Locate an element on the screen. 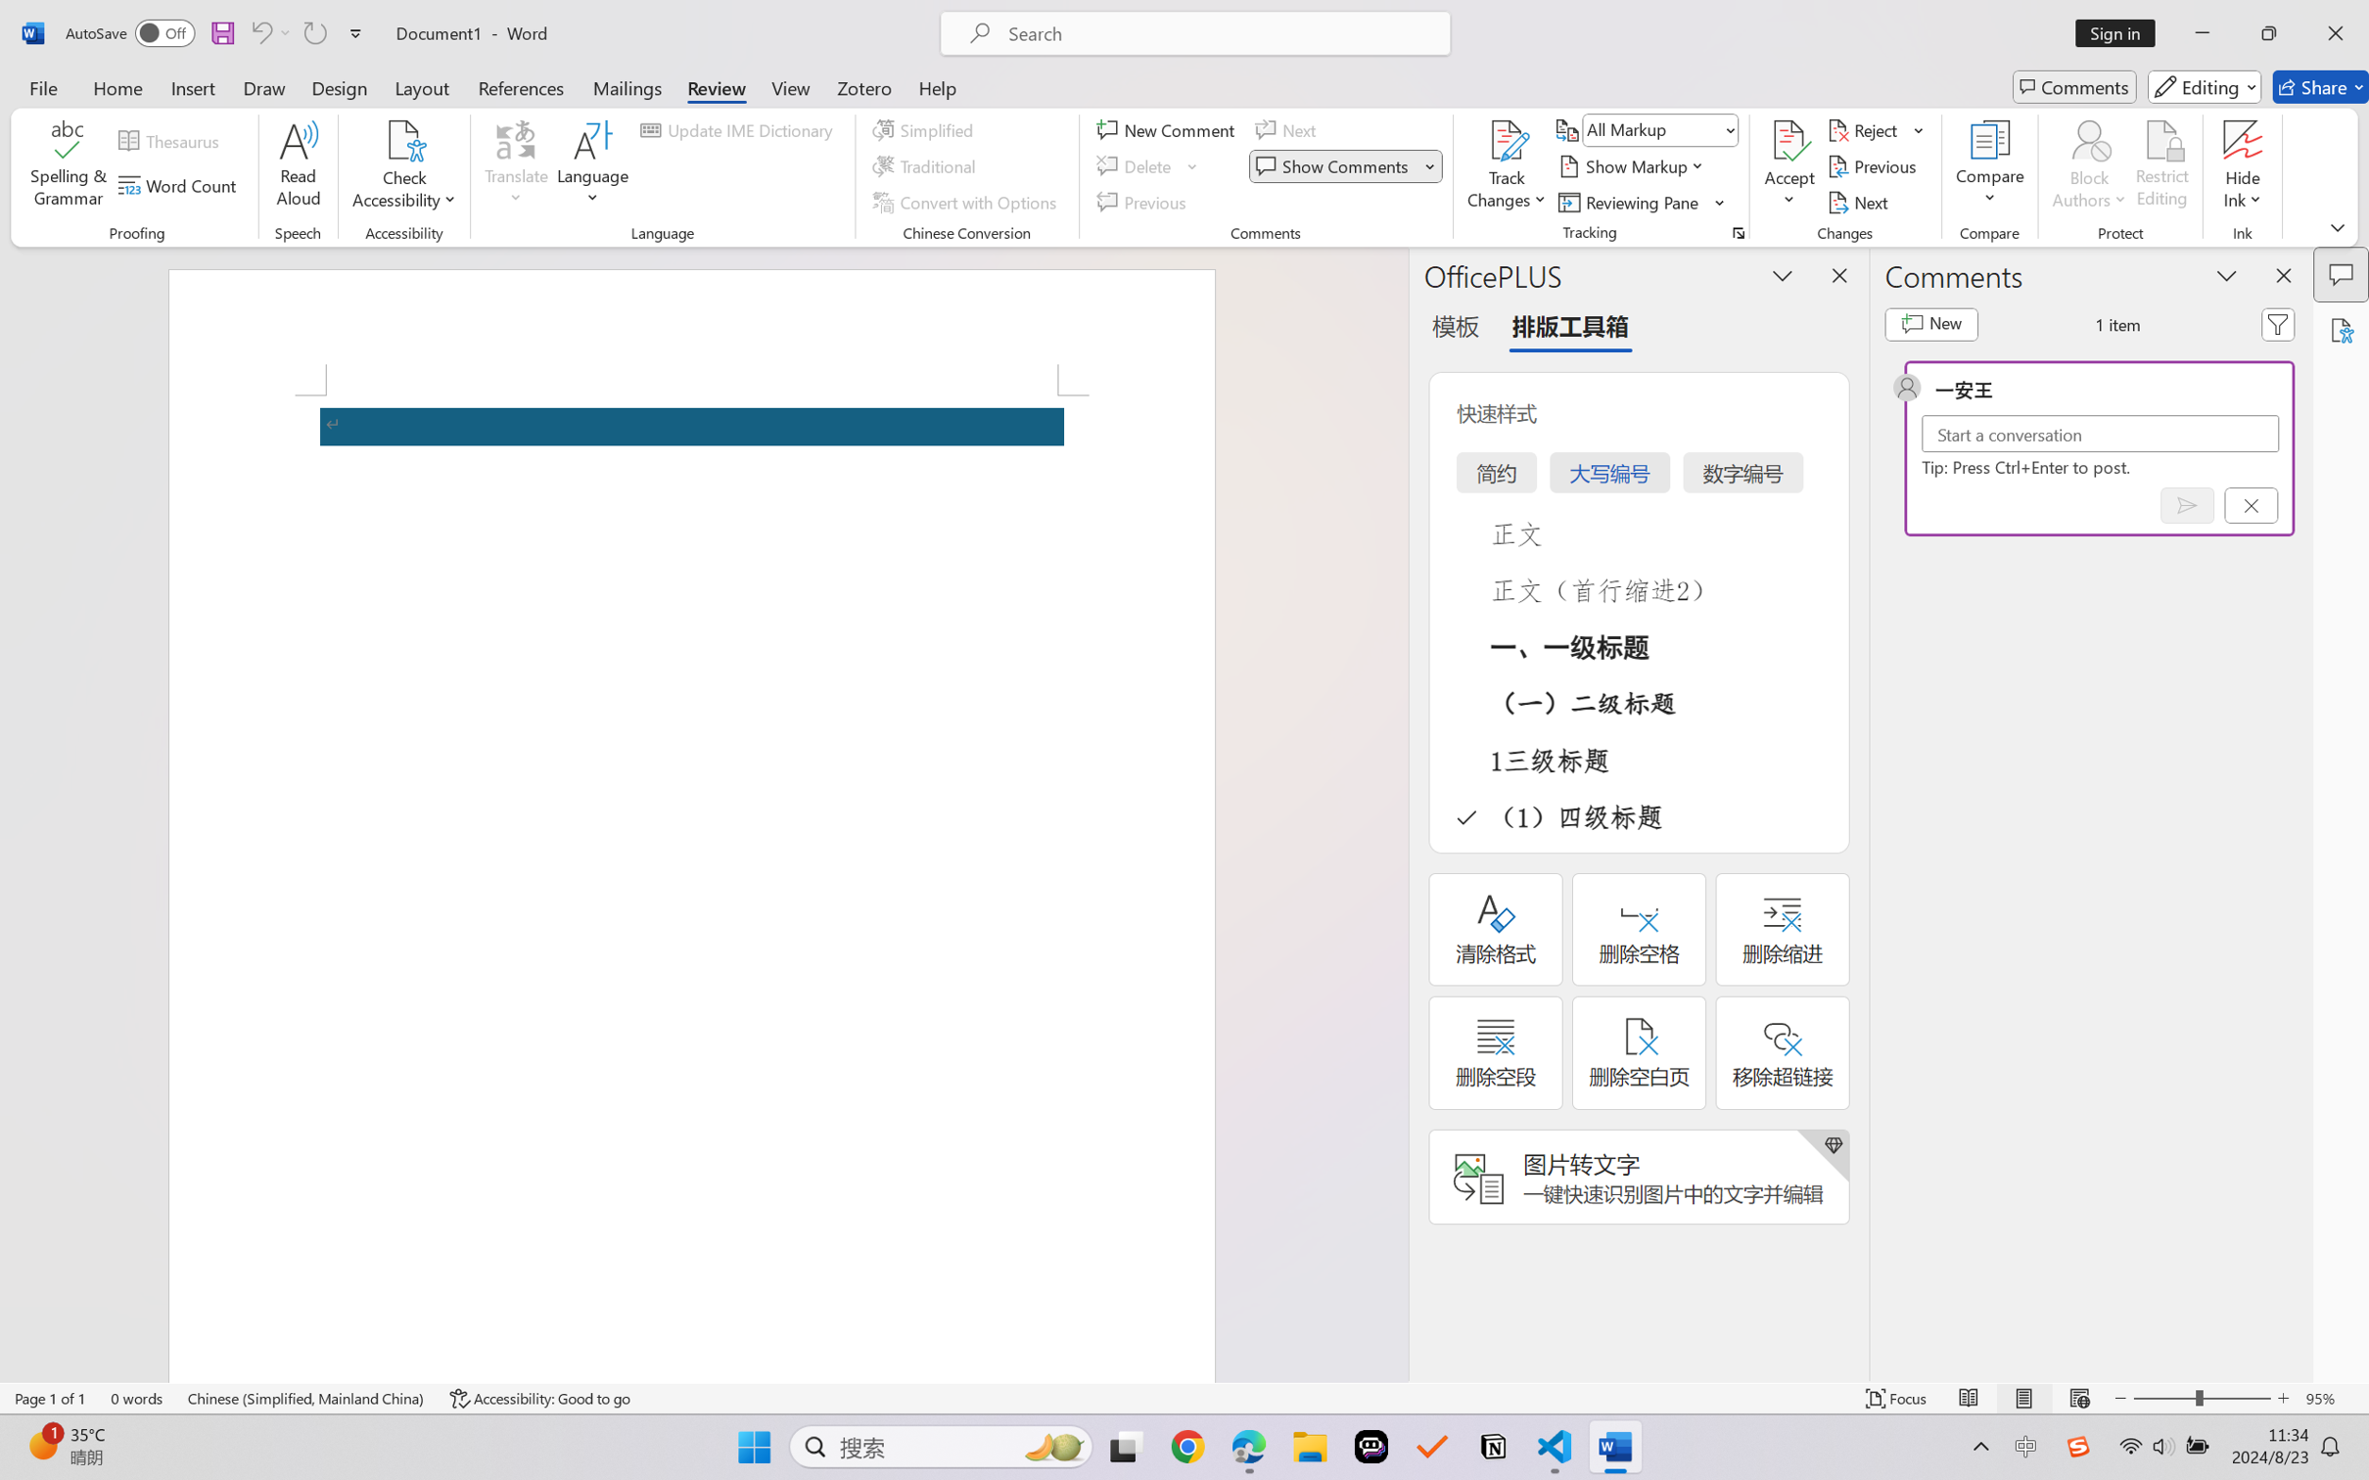  'Simplified' is located at coordinates (924, 128).